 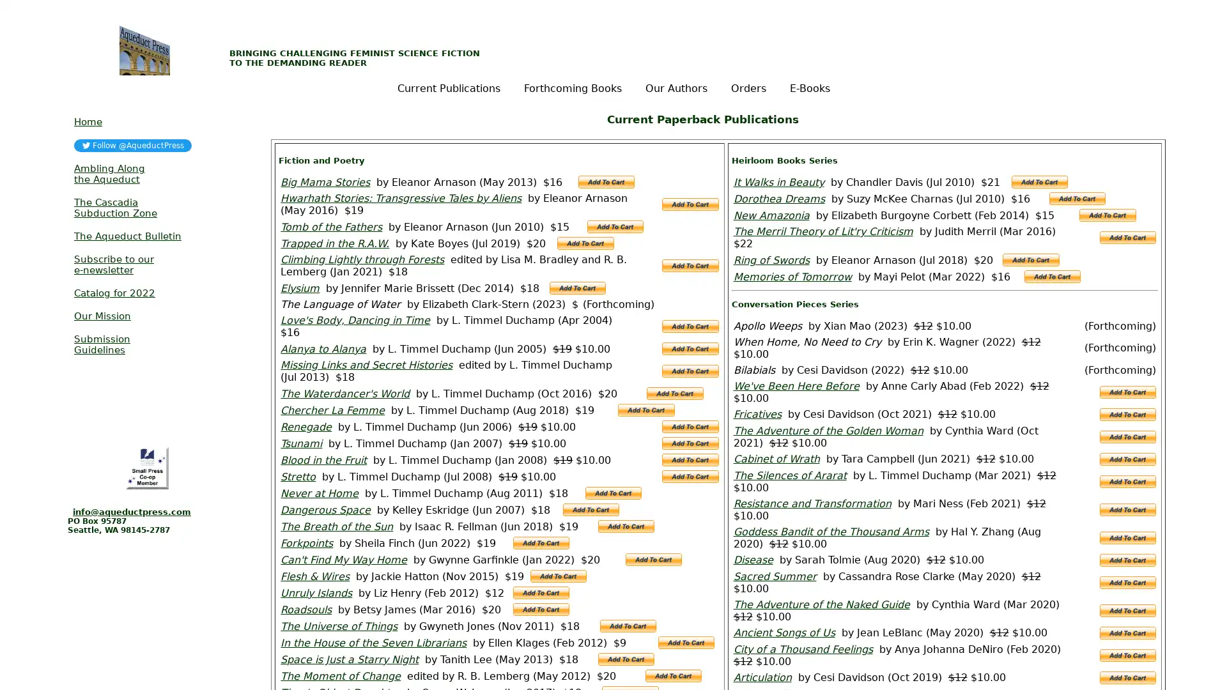 I want to click on Make payments with PayPal - it\'s fast, free and secure!, so click(x=690, y=443).